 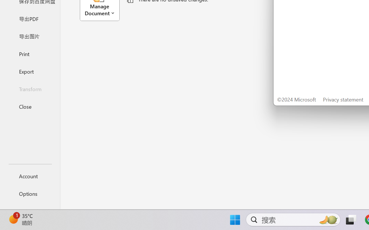 I want to click on 'Transform', so click(x=30, y=89).